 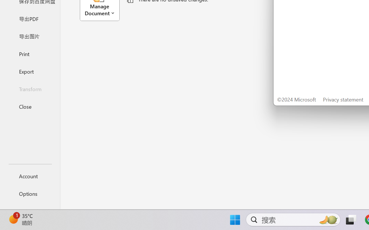 I want to click on 'Transform', so click(x=30, y=89).